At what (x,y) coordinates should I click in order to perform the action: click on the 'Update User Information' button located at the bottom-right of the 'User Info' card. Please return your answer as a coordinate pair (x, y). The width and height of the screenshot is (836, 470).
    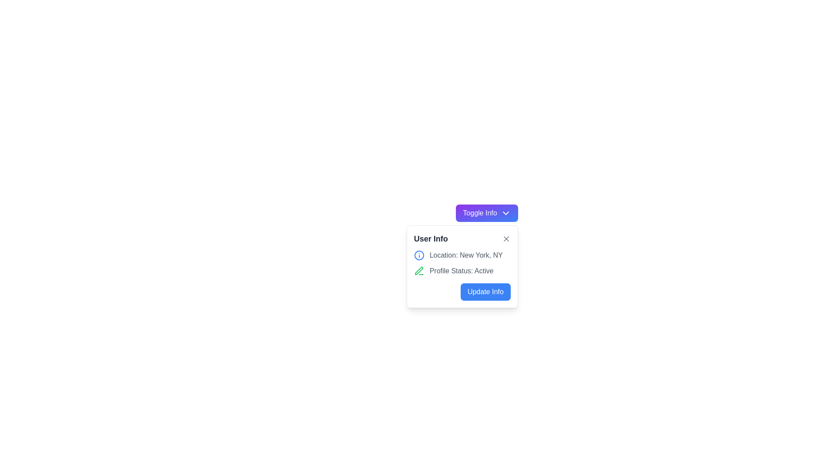
    Looking at the image, I should click on (462, 292).